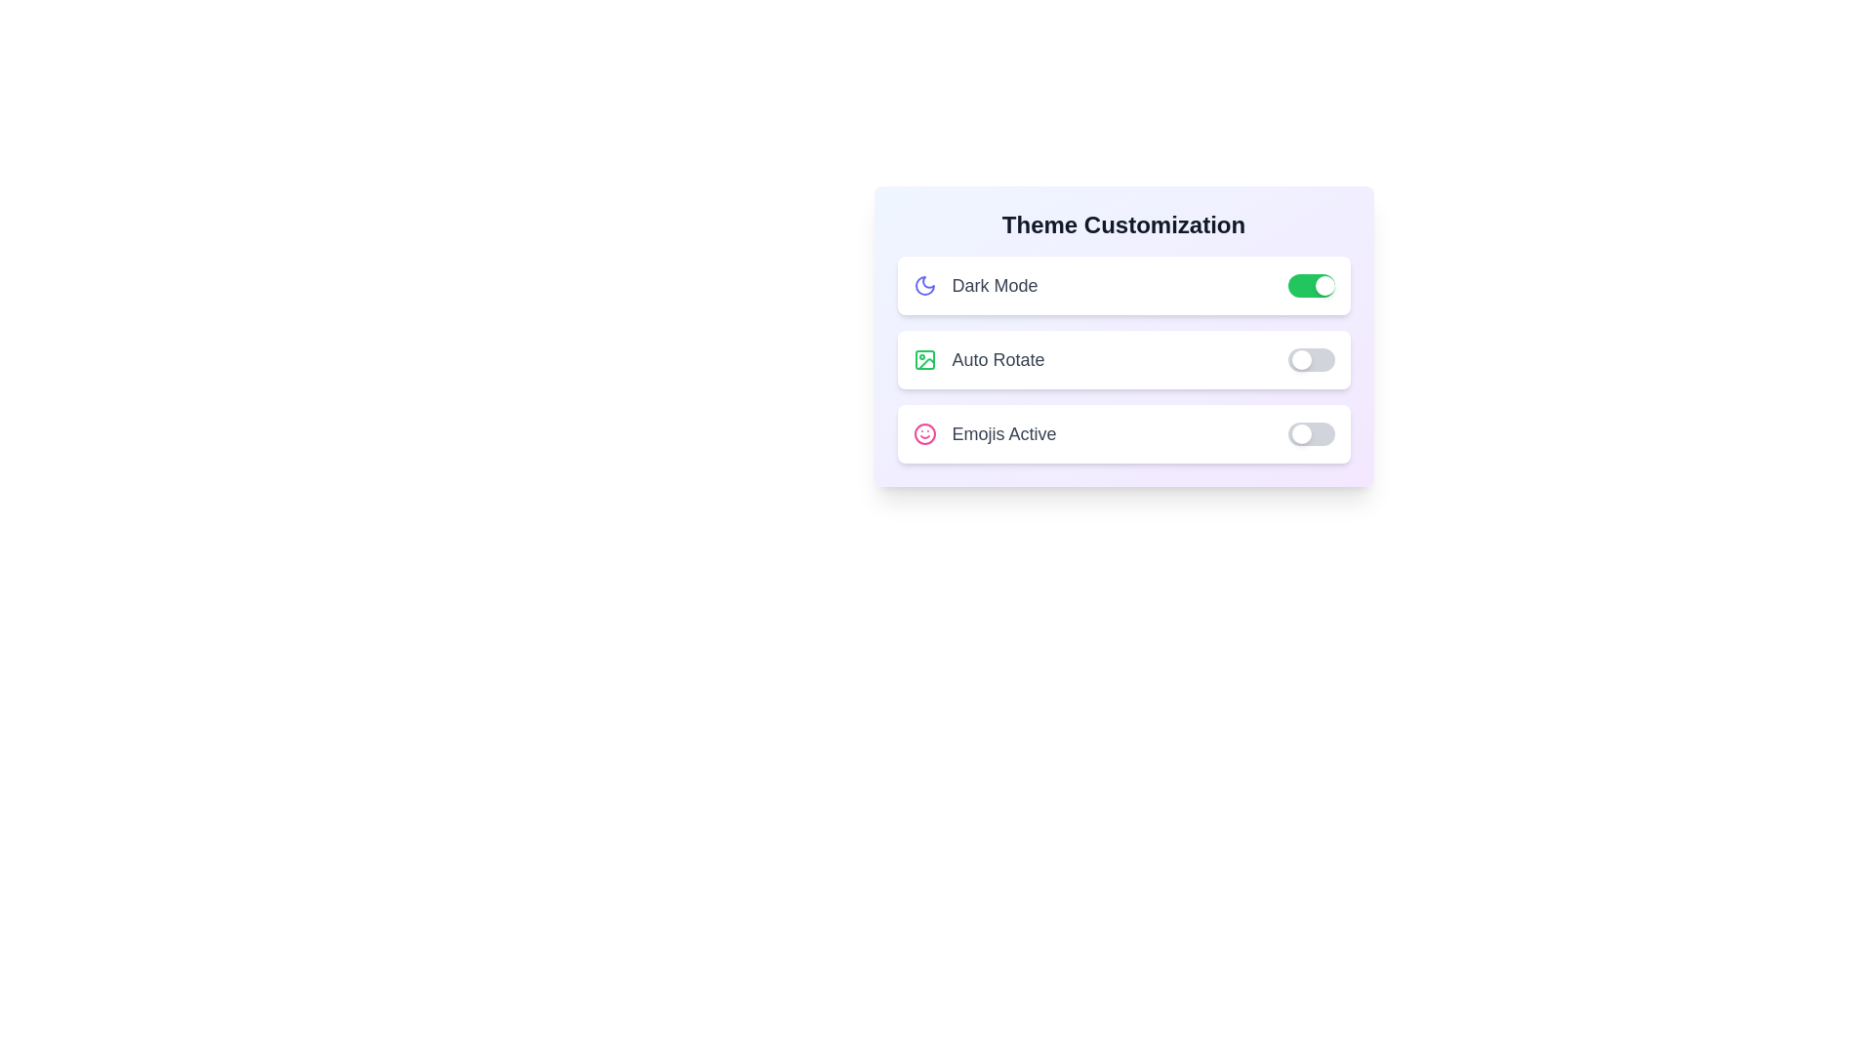  What do you see at coordinates (1311, 432) in the screenshot?
I see `the knob of the toggle switch labeled 'Emojis Active'` at bounding box center [1311, 432].